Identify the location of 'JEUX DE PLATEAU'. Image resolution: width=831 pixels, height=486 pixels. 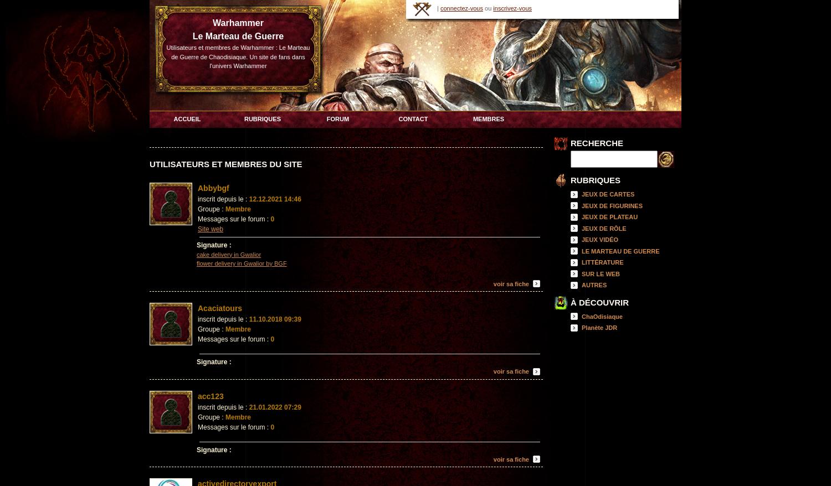
(609, 216).